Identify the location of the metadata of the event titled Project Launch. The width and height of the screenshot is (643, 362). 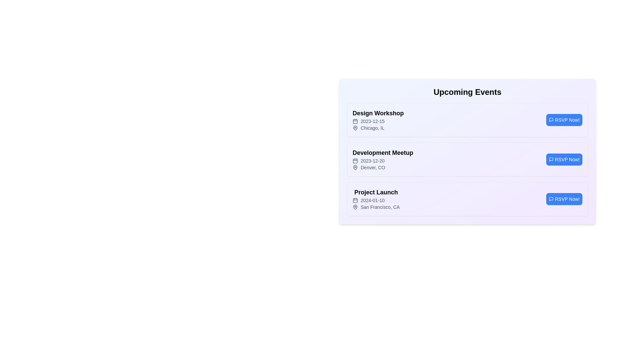
(376, 192).